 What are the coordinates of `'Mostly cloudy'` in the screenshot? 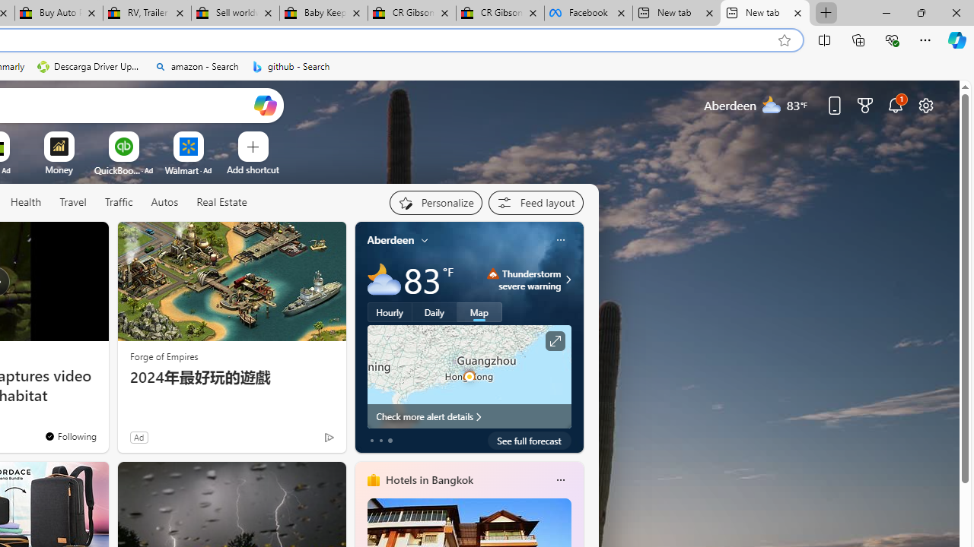 It's located at (384, 280).